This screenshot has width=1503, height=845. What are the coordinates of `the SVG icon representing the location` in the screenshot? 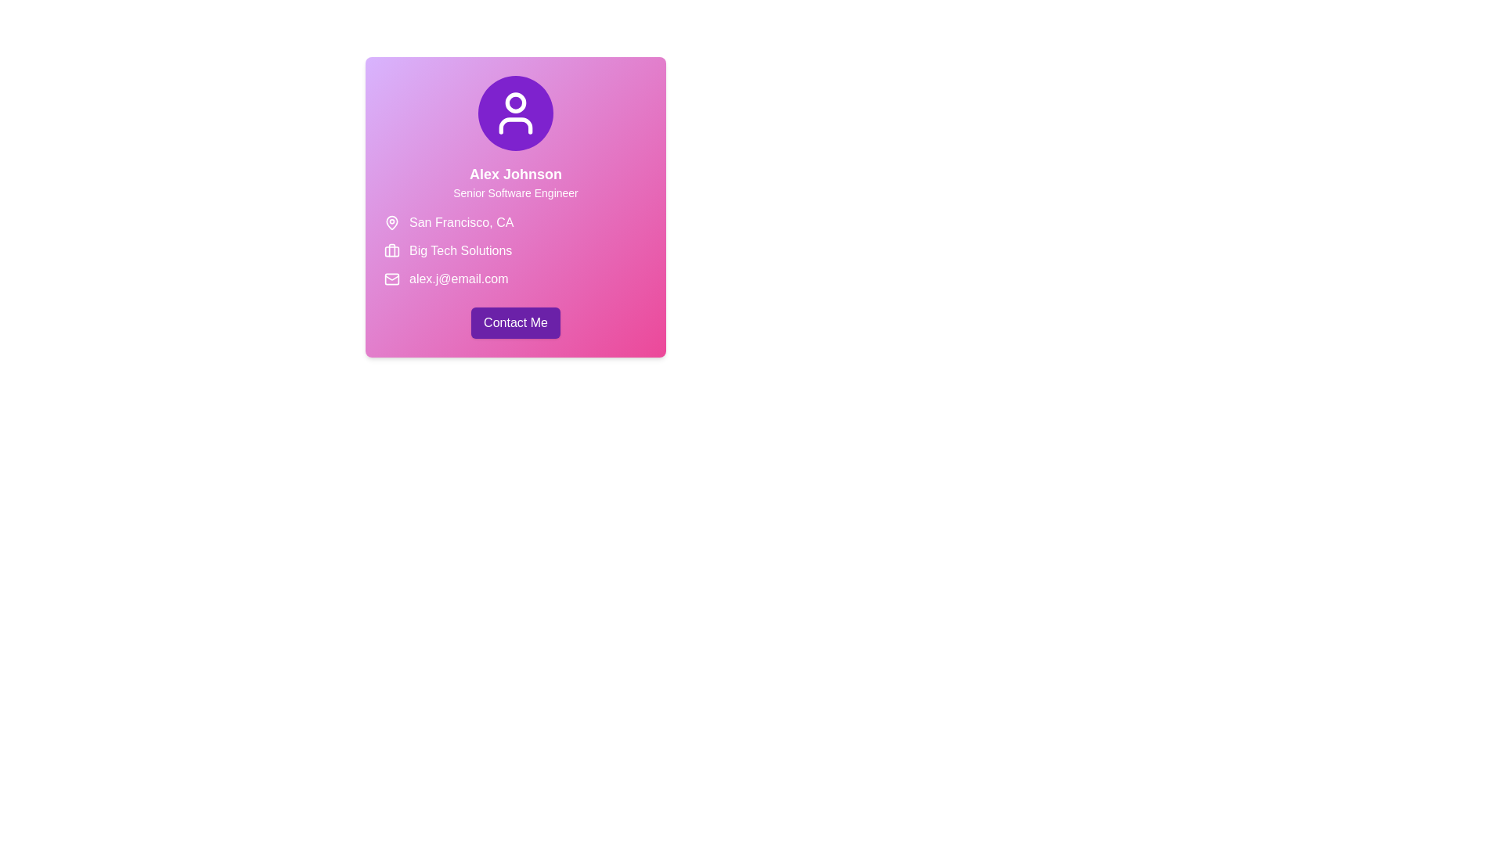 It's located at (391, 223).